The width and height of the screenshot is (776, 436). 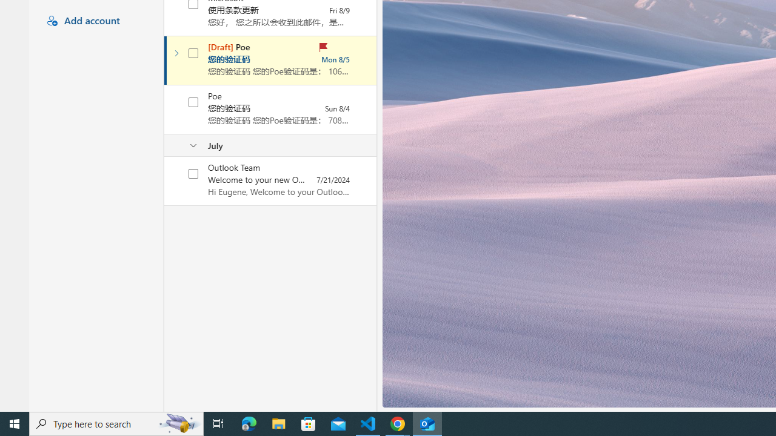 What do you see at coordinates (176, 53) in the screenshot?
I see `'Expand conversation'` at bounding box center [176, 53].